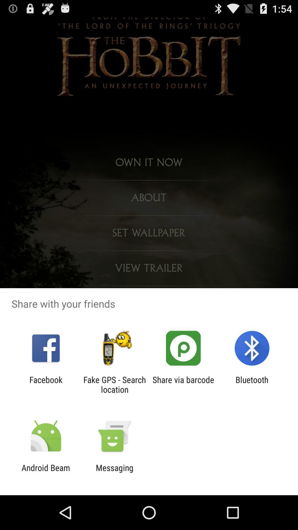 This screenshot has height=530, width=298. I want to click on the share via barcode, so click(183, 384).